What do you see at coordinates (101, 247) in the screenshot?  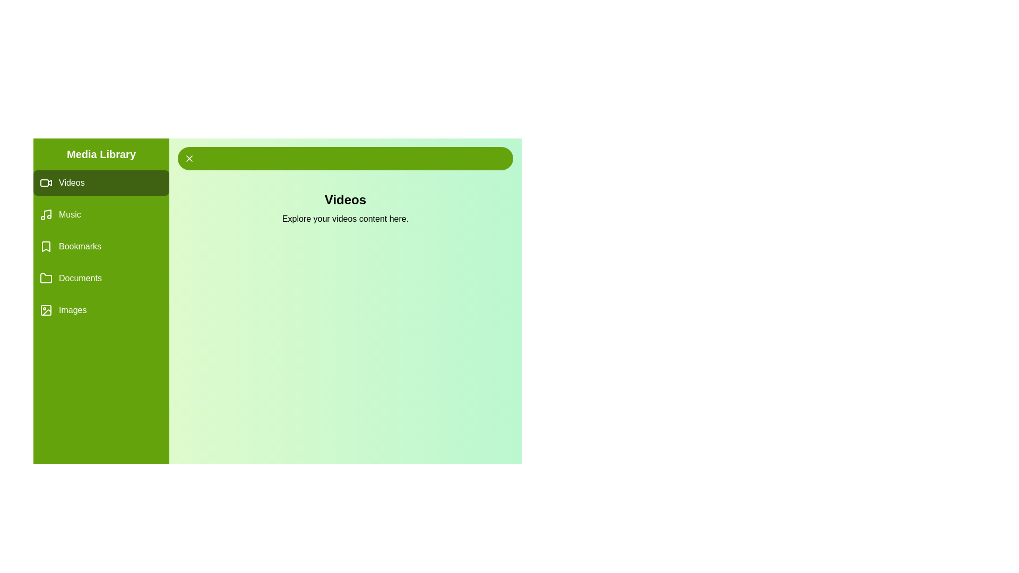 I see `the Bookmarks tab by clicking on its label in the drawer` at bounding box center [101, 247].